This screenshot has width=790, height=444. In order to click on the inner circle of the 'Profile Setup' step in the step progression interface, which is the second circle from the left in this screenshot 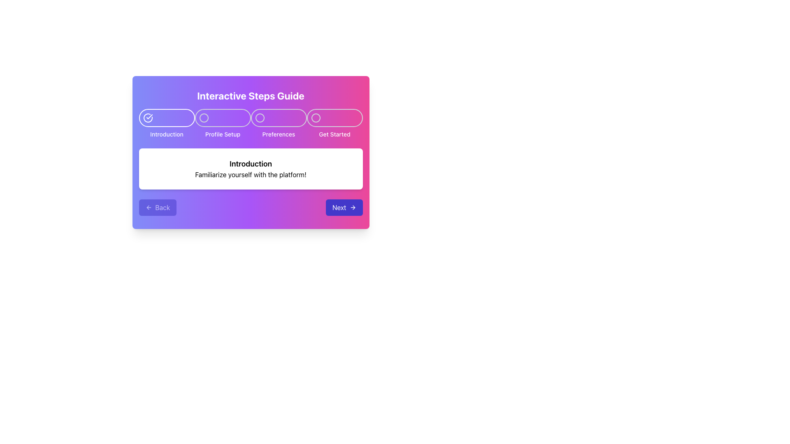, I will do `click(204, 118)`.